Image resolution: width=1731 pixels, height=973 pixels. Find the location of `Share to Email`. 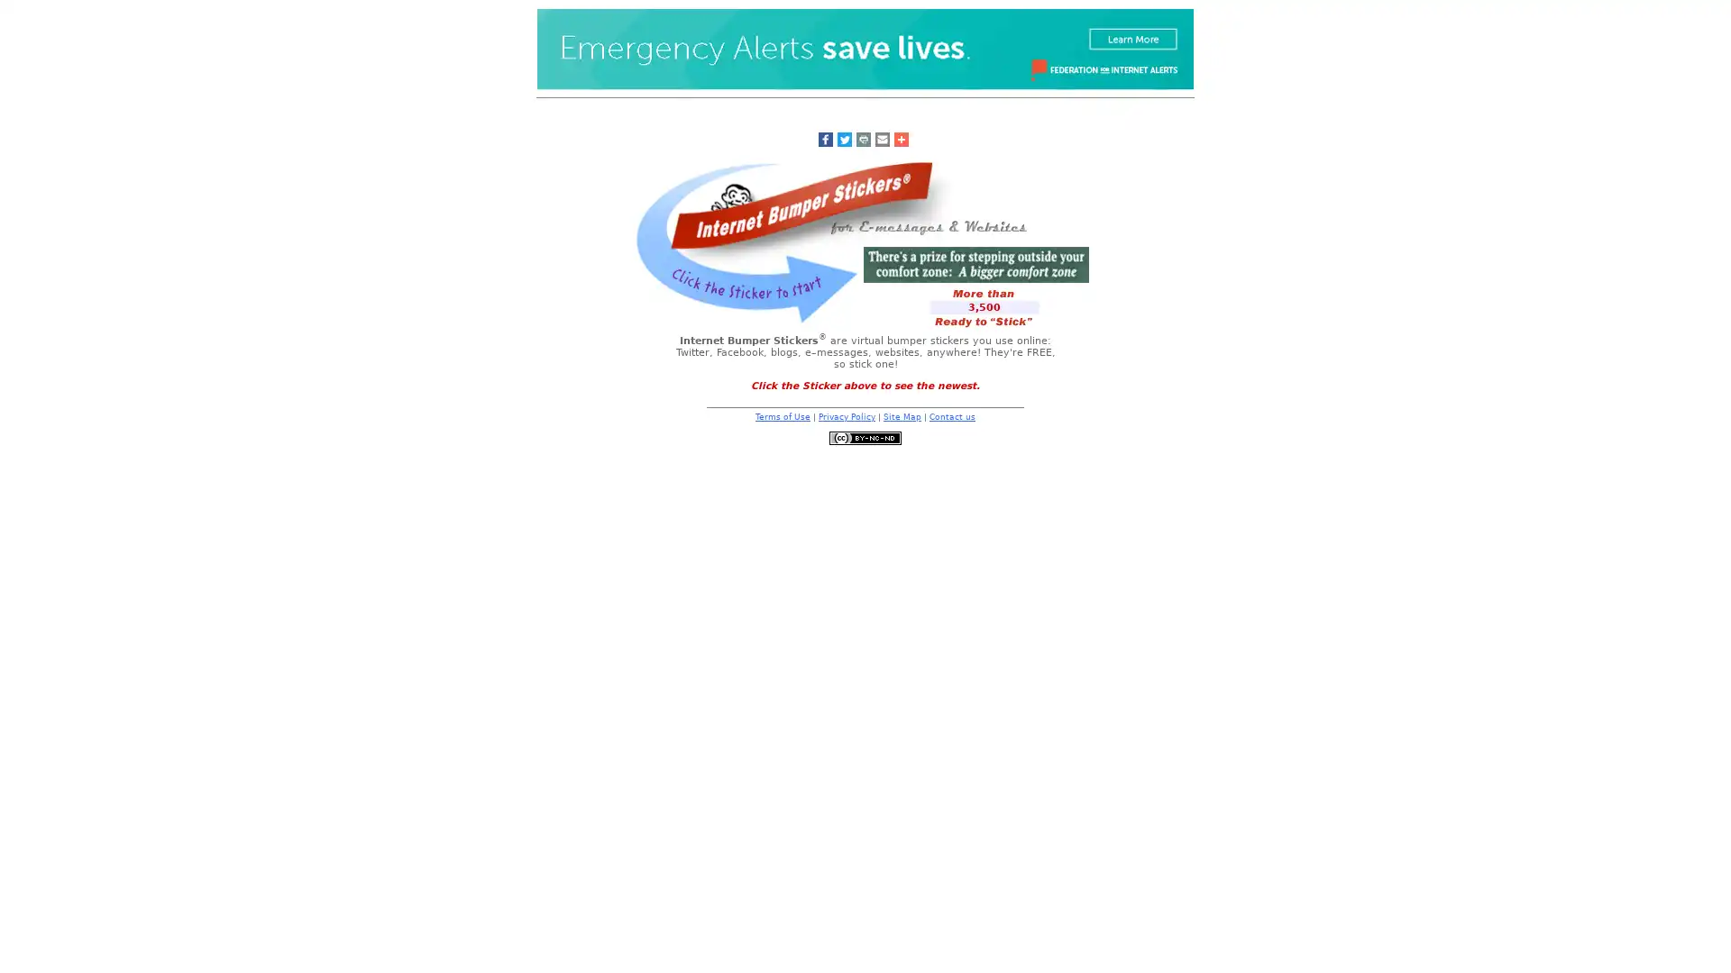

Share to Email is located at coordinates (882, 138).